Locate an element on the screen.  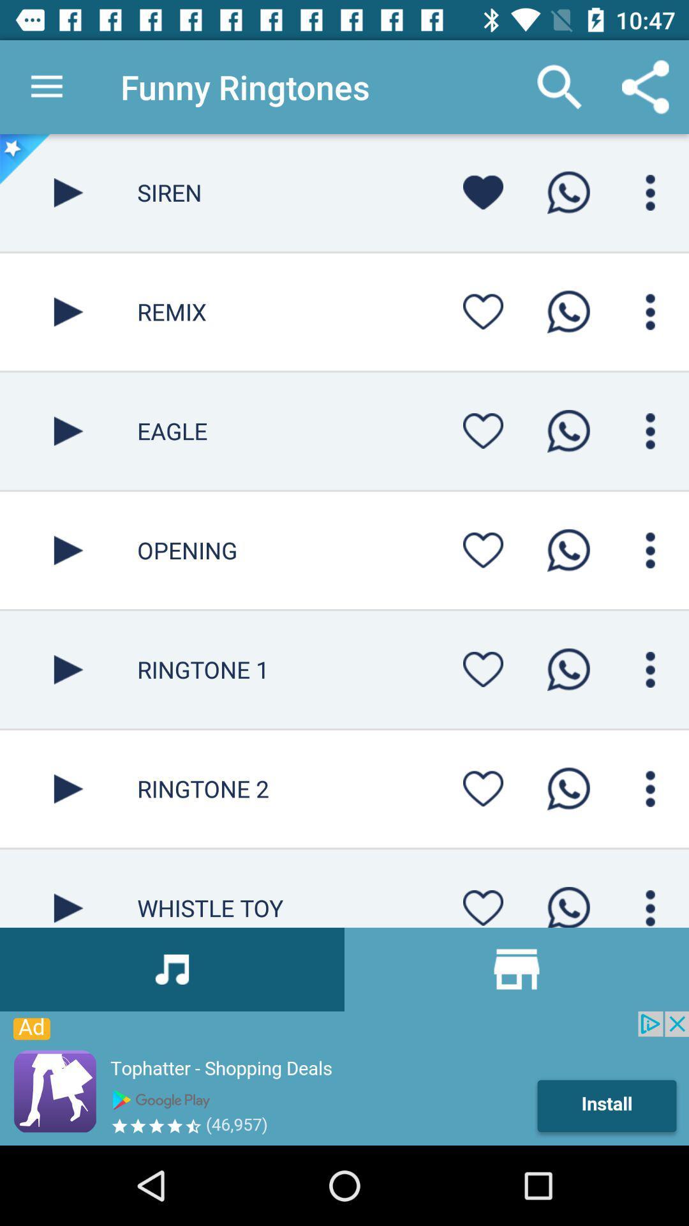
favorite is located at coordinates (483, 788).